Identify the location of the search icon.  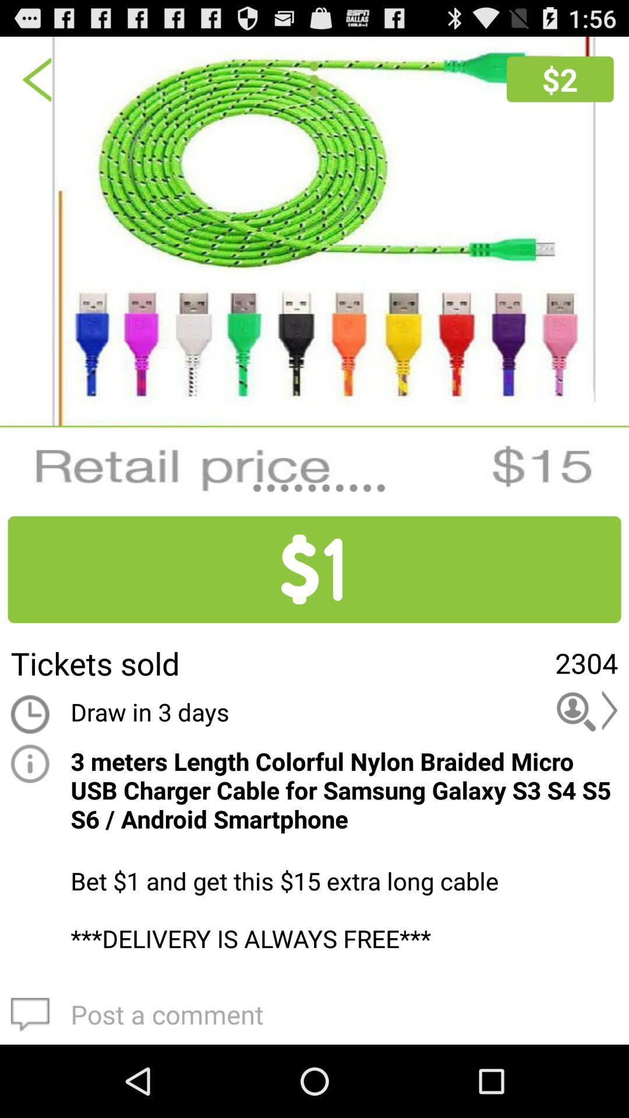
(587, 761).